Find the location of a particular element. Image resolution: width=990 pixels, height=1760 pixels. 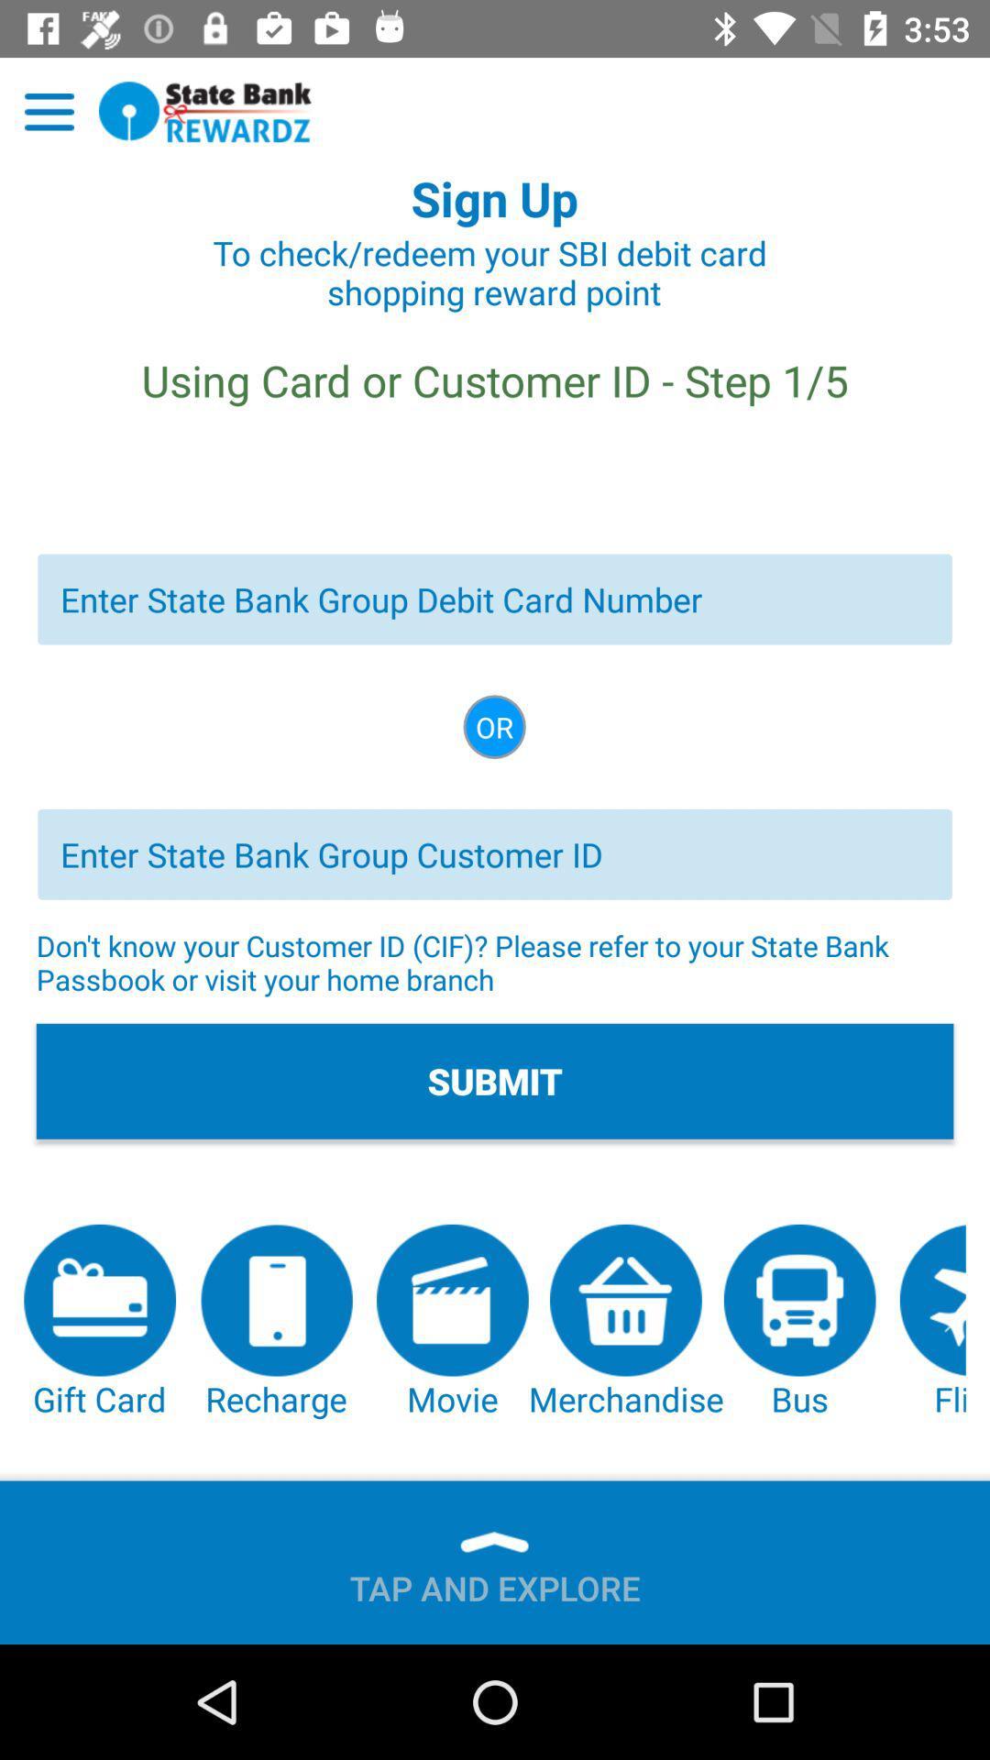

the button above tap and explore icon is located at coordinates (276, 1323).